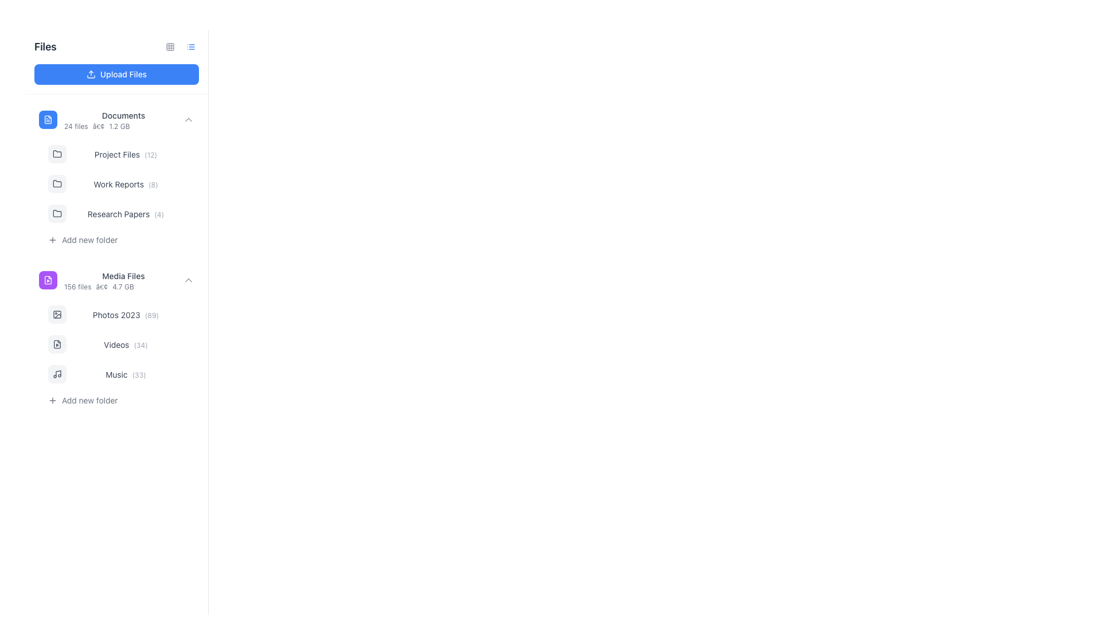  What do you see at coordinates (126, 374) in the screenshot?
I see `the 'Music' text label in the left-side navigation bar` at bounding box center [126, 374].